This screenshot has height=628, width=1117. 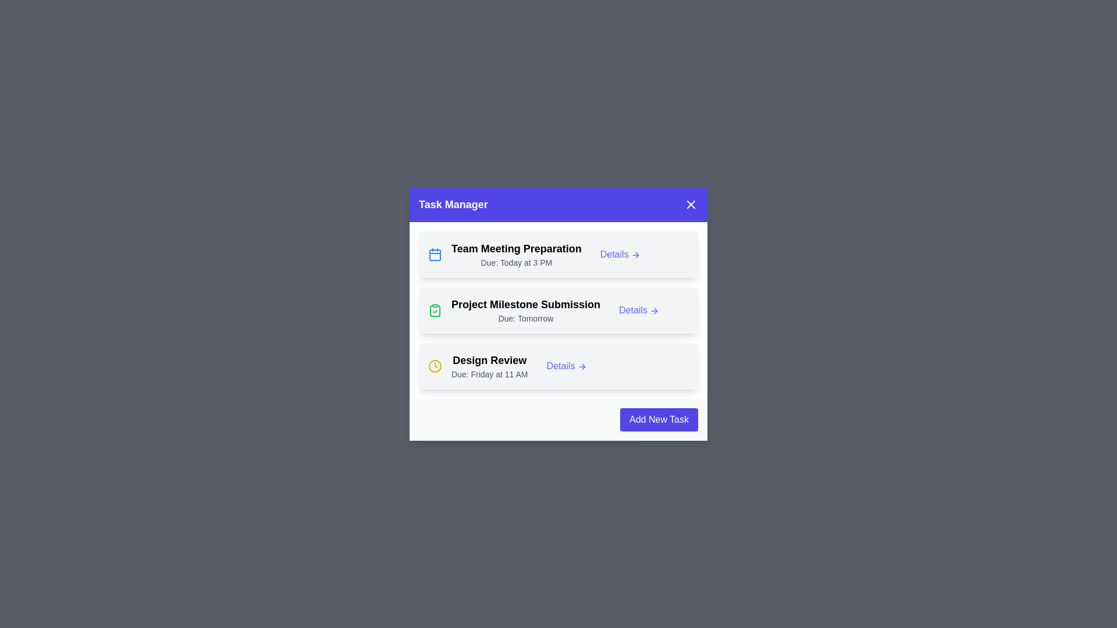 What do you see at coordinates (620, 254) in the screenshot?
I see `the 'Details' button, which is the last element in the 'Team Meeting Preparation' row, featuring indigo text and a rounded appearance` at bounding box center [620, 254].